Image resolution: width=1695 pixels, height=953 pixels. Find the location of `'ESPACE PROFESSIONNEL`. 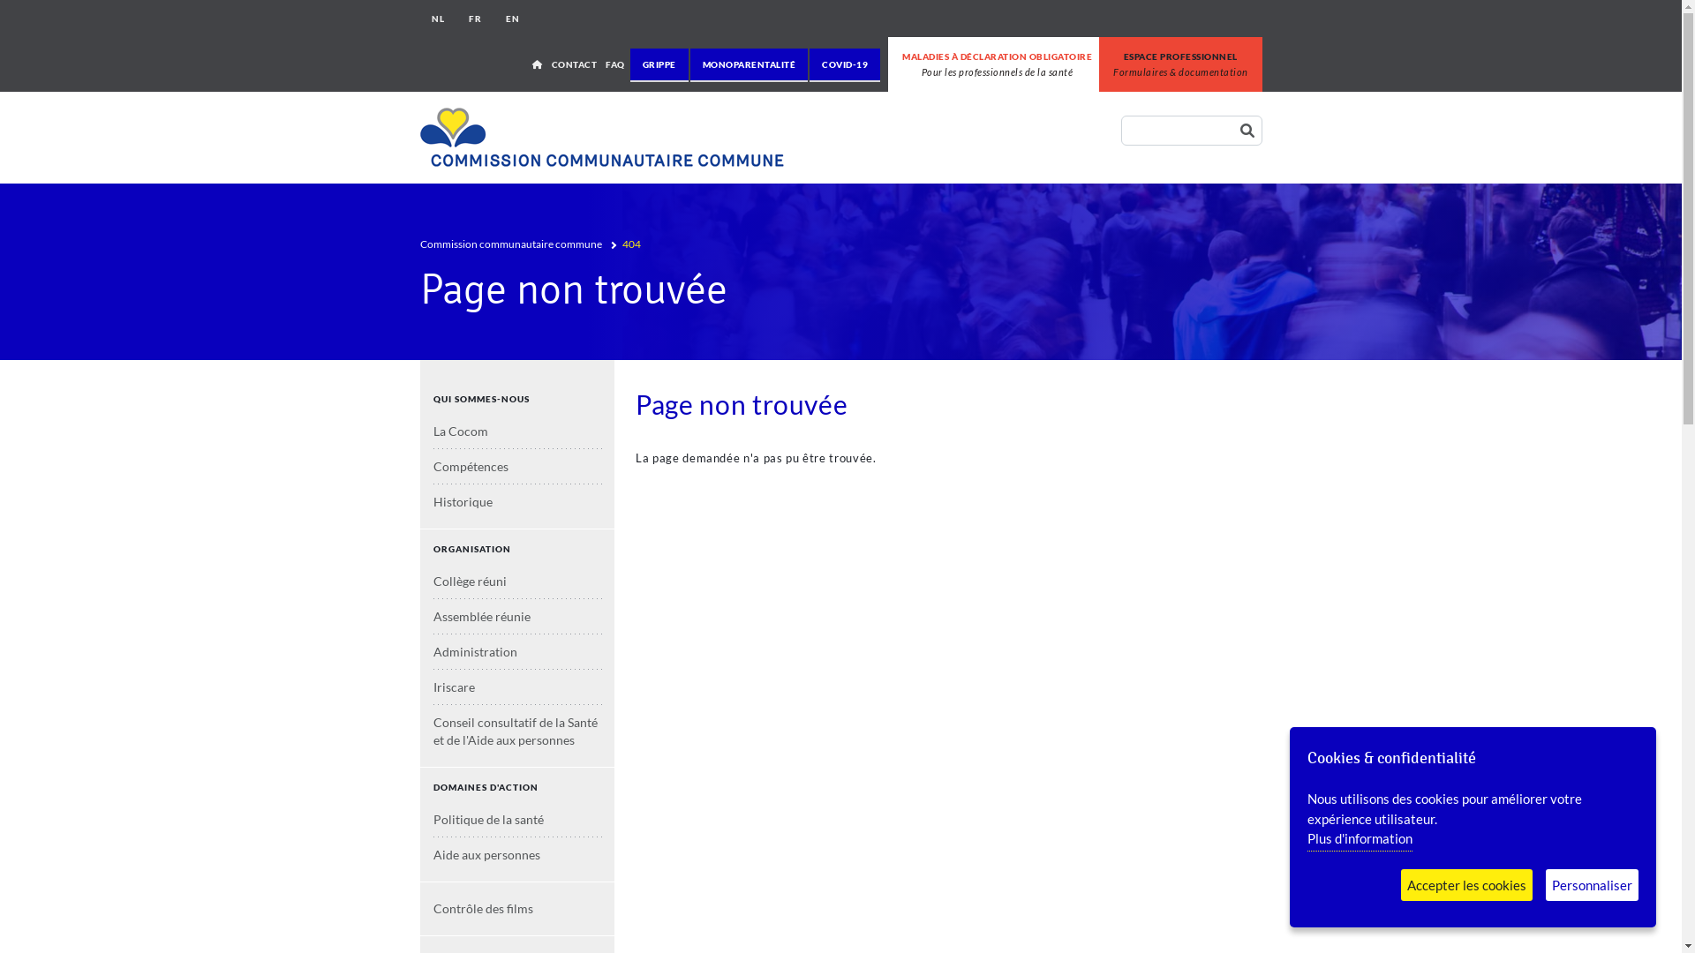

'ESPACE PROFESSIONNEL is located at coordinates (1180, 64).